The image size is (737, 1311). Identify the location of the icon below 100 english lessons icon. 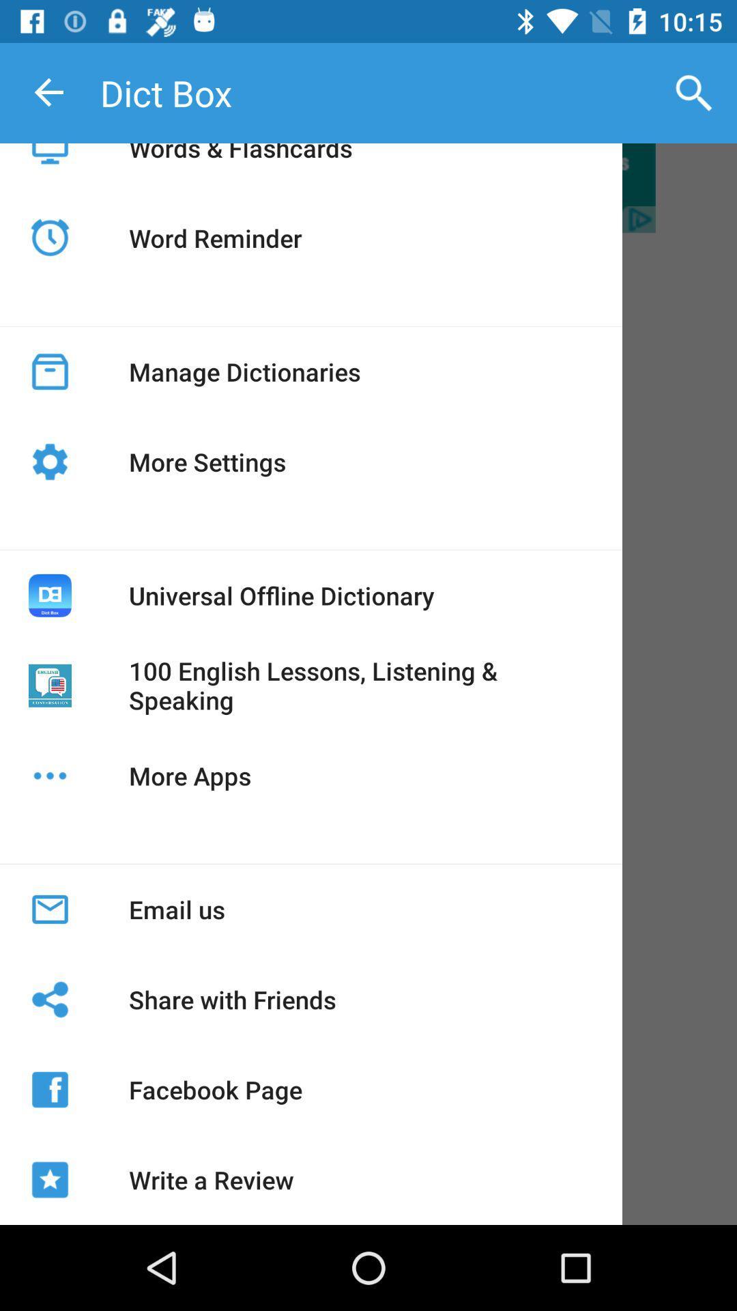
(190, 776).